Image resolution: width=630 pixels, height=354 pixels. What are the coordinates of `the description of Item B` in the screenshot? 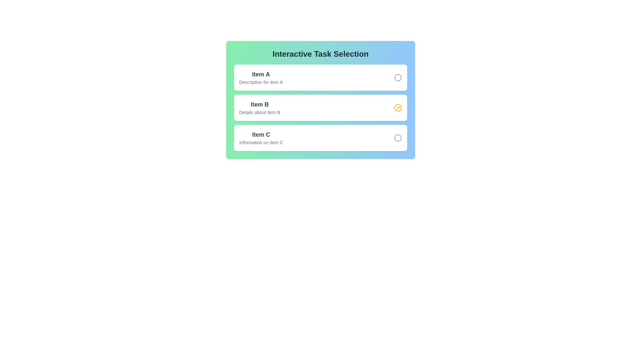 It's located at (259, 107).